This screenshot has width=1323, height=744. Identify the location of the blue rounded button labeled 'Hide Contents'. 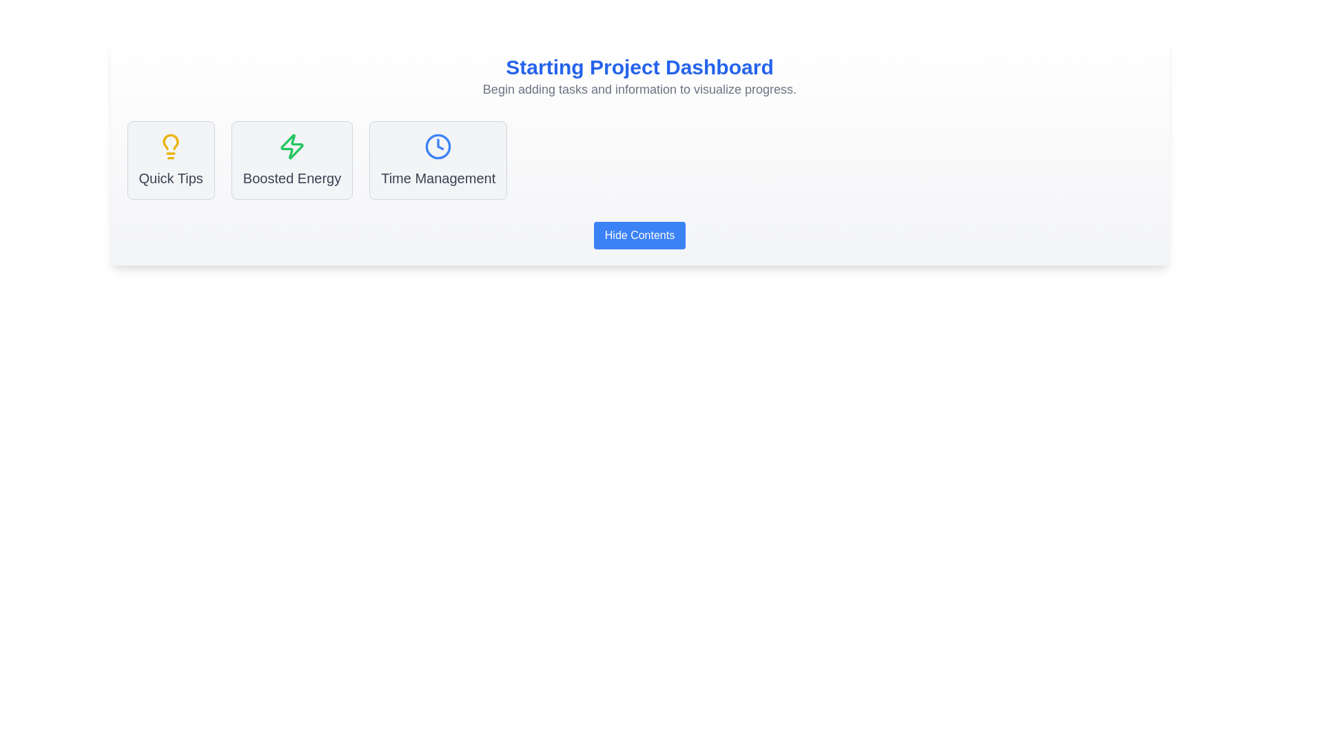
(639, 235).